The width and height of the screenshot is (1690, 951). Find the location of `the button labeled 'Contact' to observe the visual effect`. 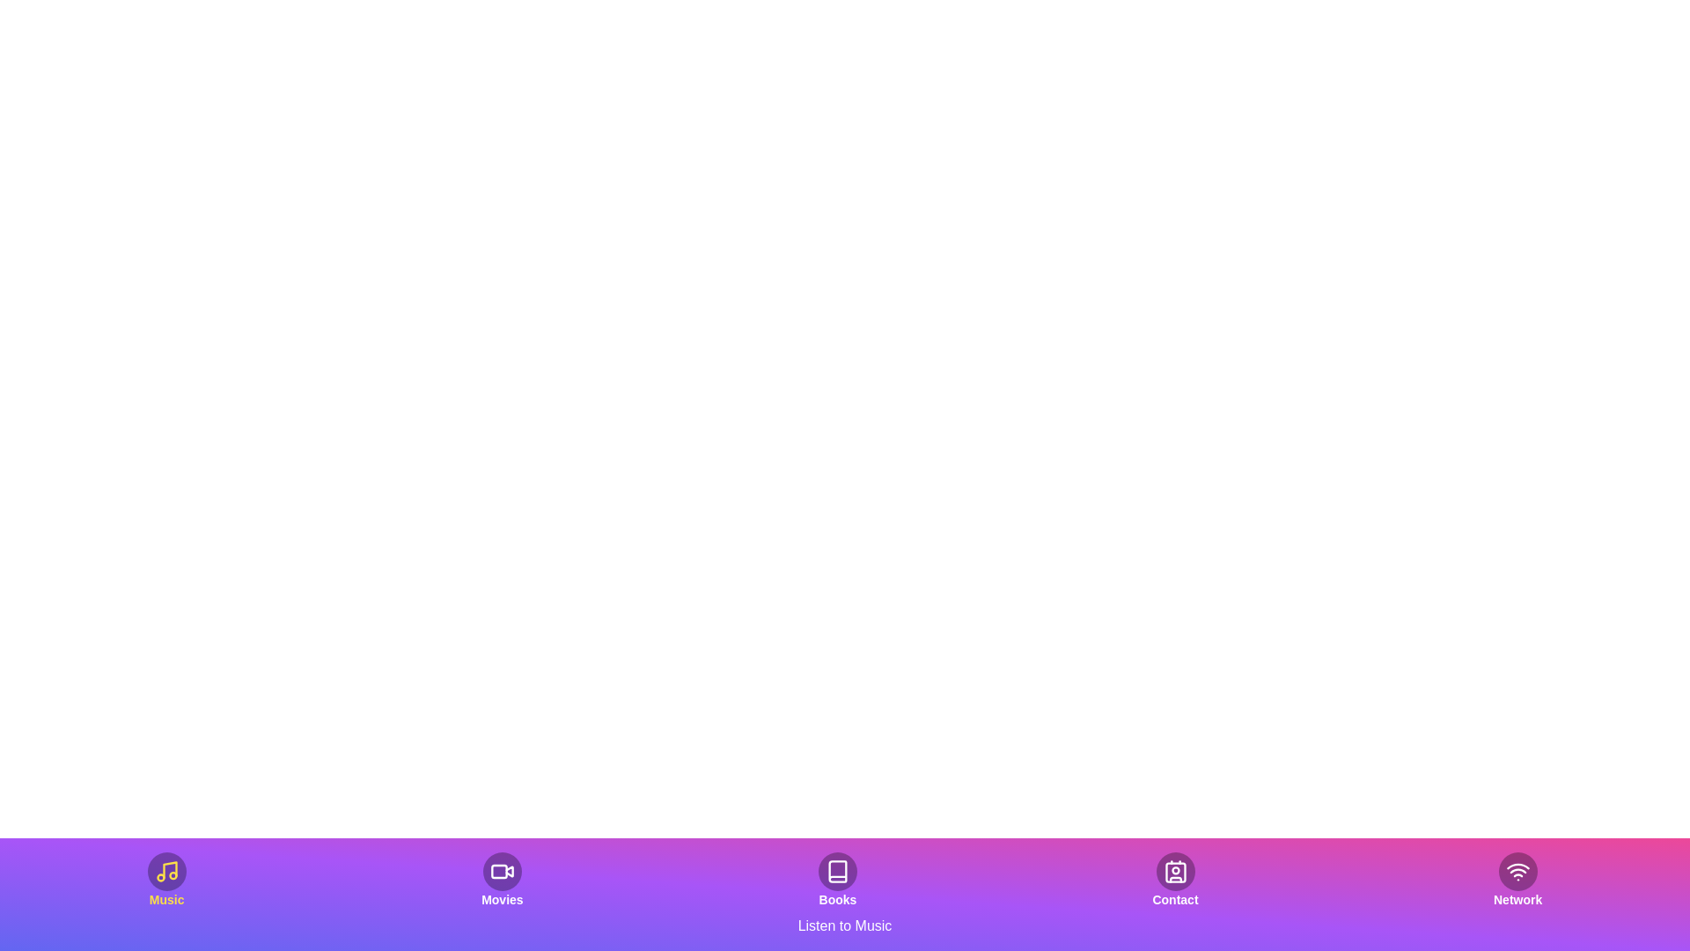

the button labeled 'Contact' to observe the visual effect is located at coordinates (1175, 880).